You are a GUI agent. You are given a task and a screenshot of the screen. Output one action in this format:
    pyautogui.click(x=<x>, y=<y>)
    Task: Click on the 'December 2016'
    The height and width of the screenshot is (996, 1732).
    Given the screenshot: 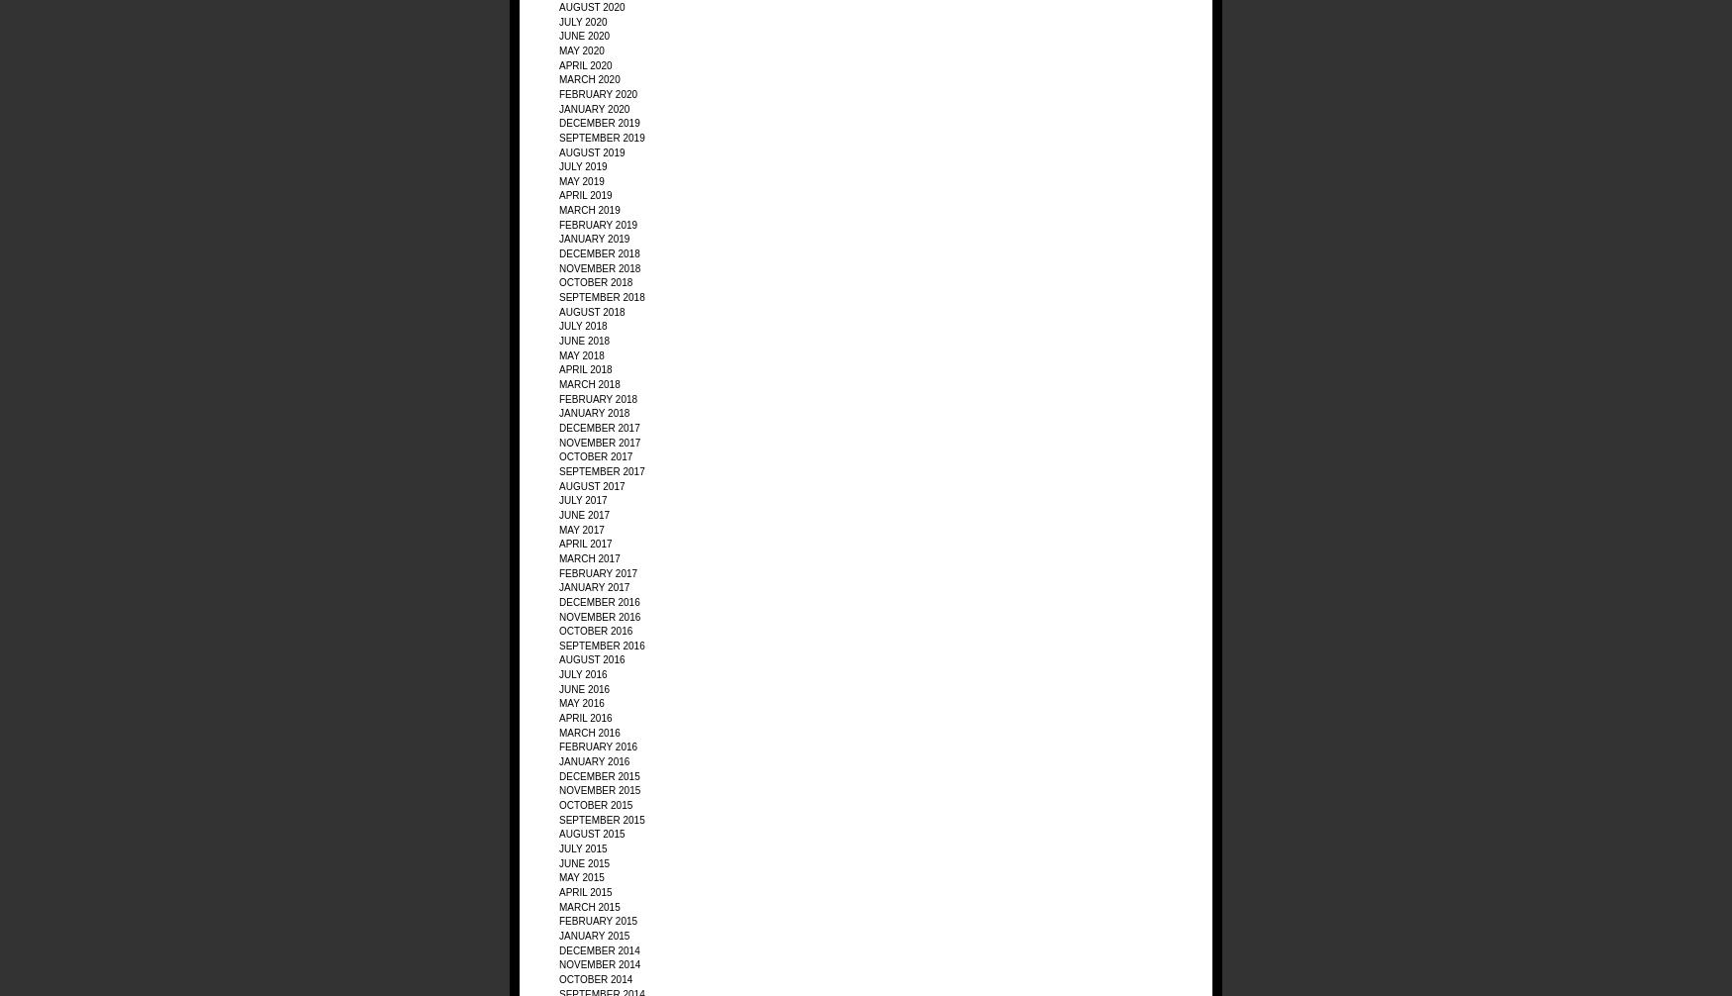 What is the action you would take?
    pyautogui.click(x=559, y=601)
    